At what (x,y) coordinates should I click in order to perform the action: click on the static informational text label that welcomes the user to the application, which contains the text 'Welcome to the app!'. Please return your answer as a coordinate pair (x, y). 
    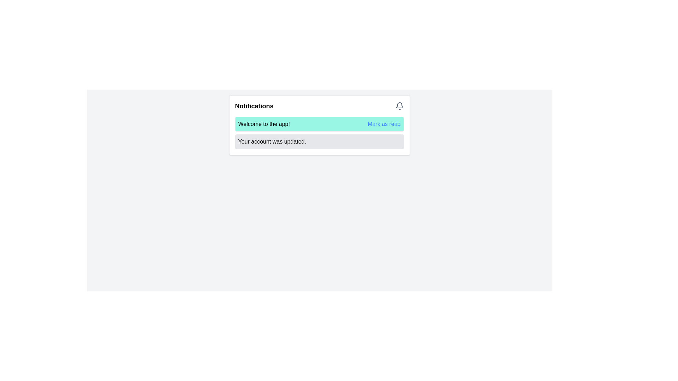
    Looking at the image, I should click on (263, 123).